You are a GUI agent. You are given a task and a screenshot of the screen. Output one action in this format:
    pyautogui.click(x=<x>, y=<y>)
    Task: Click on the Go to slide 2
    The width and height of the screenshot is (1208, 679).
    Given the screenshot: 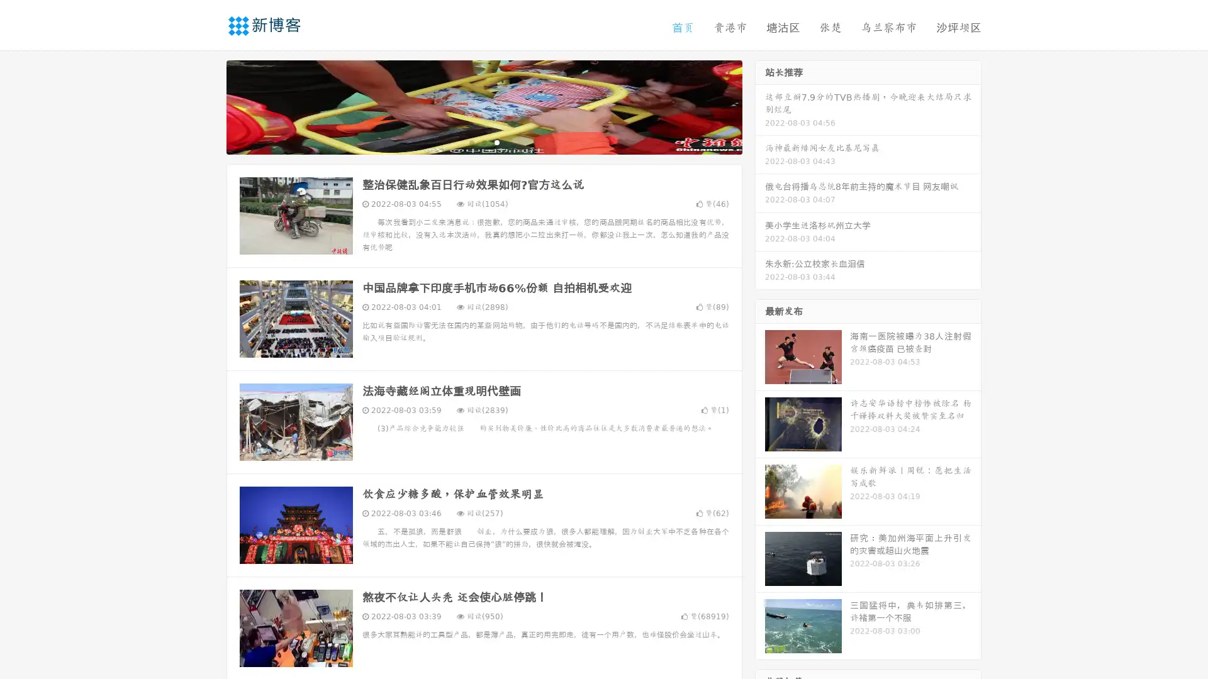 What is the action you would take?
    pyautogui.click(x=483, y=141)
    